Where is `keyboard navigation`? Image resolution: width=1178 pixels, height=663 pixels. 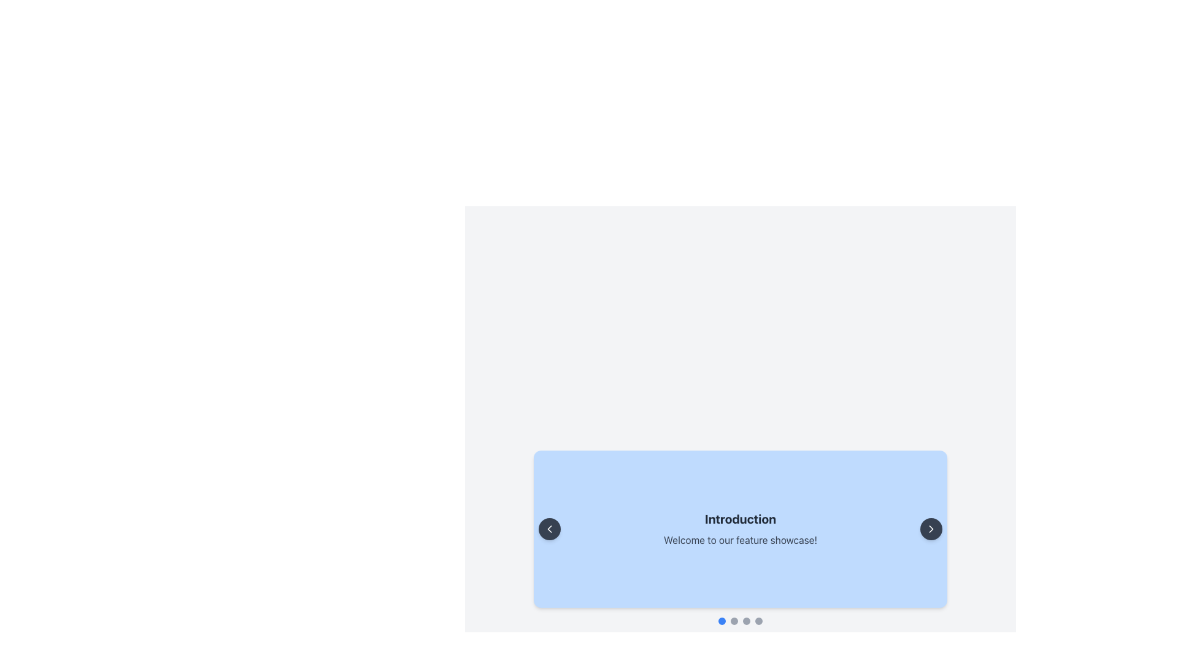 keyboard navigation is located at coordinates (931, 528).